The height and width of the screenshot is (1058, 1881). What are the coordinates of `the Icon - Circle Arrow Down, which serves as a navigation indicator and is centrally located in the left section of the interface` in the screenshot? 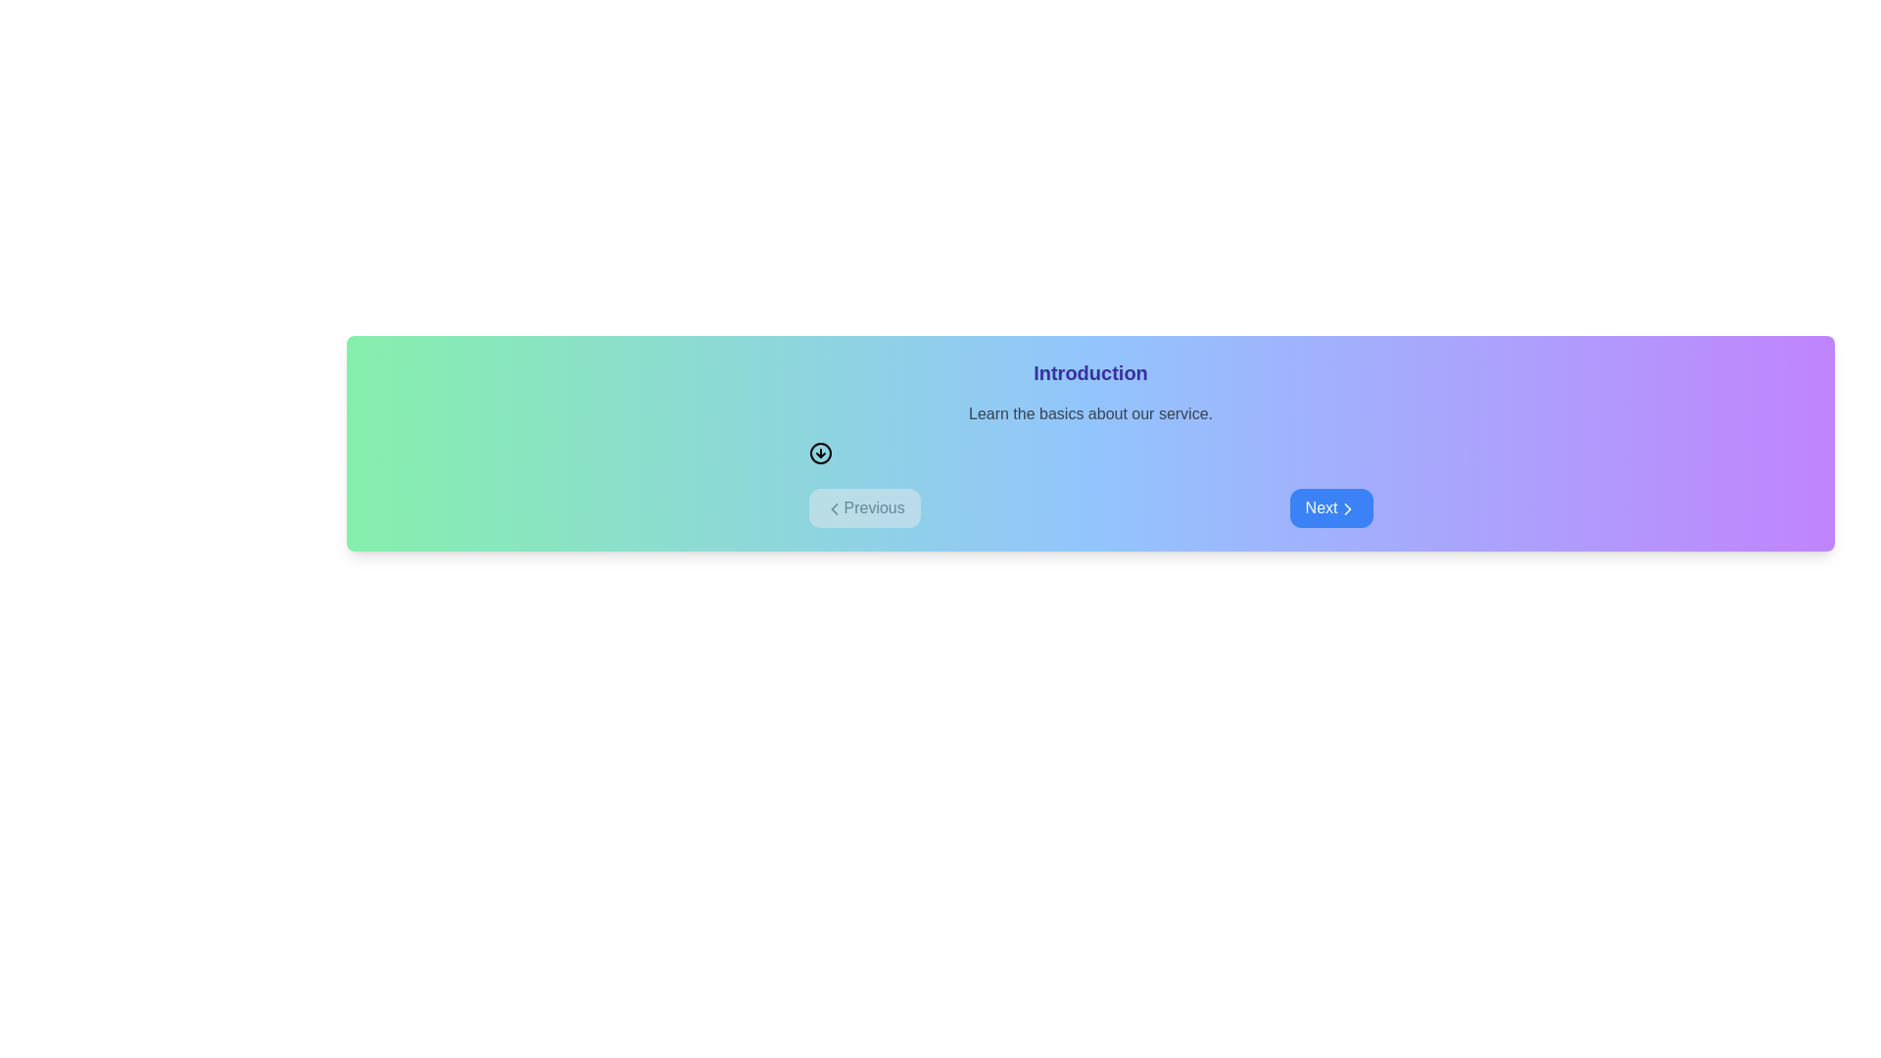 It's located at (820, 453).